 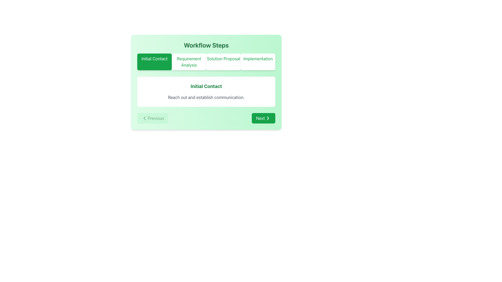 What do you see at coordinates (206, 86) in the screenshot?
I see `the bold, large-sized green text reading 'Initial Contact', which is centrally aligned within a white box` at bounding box center [206, 86].